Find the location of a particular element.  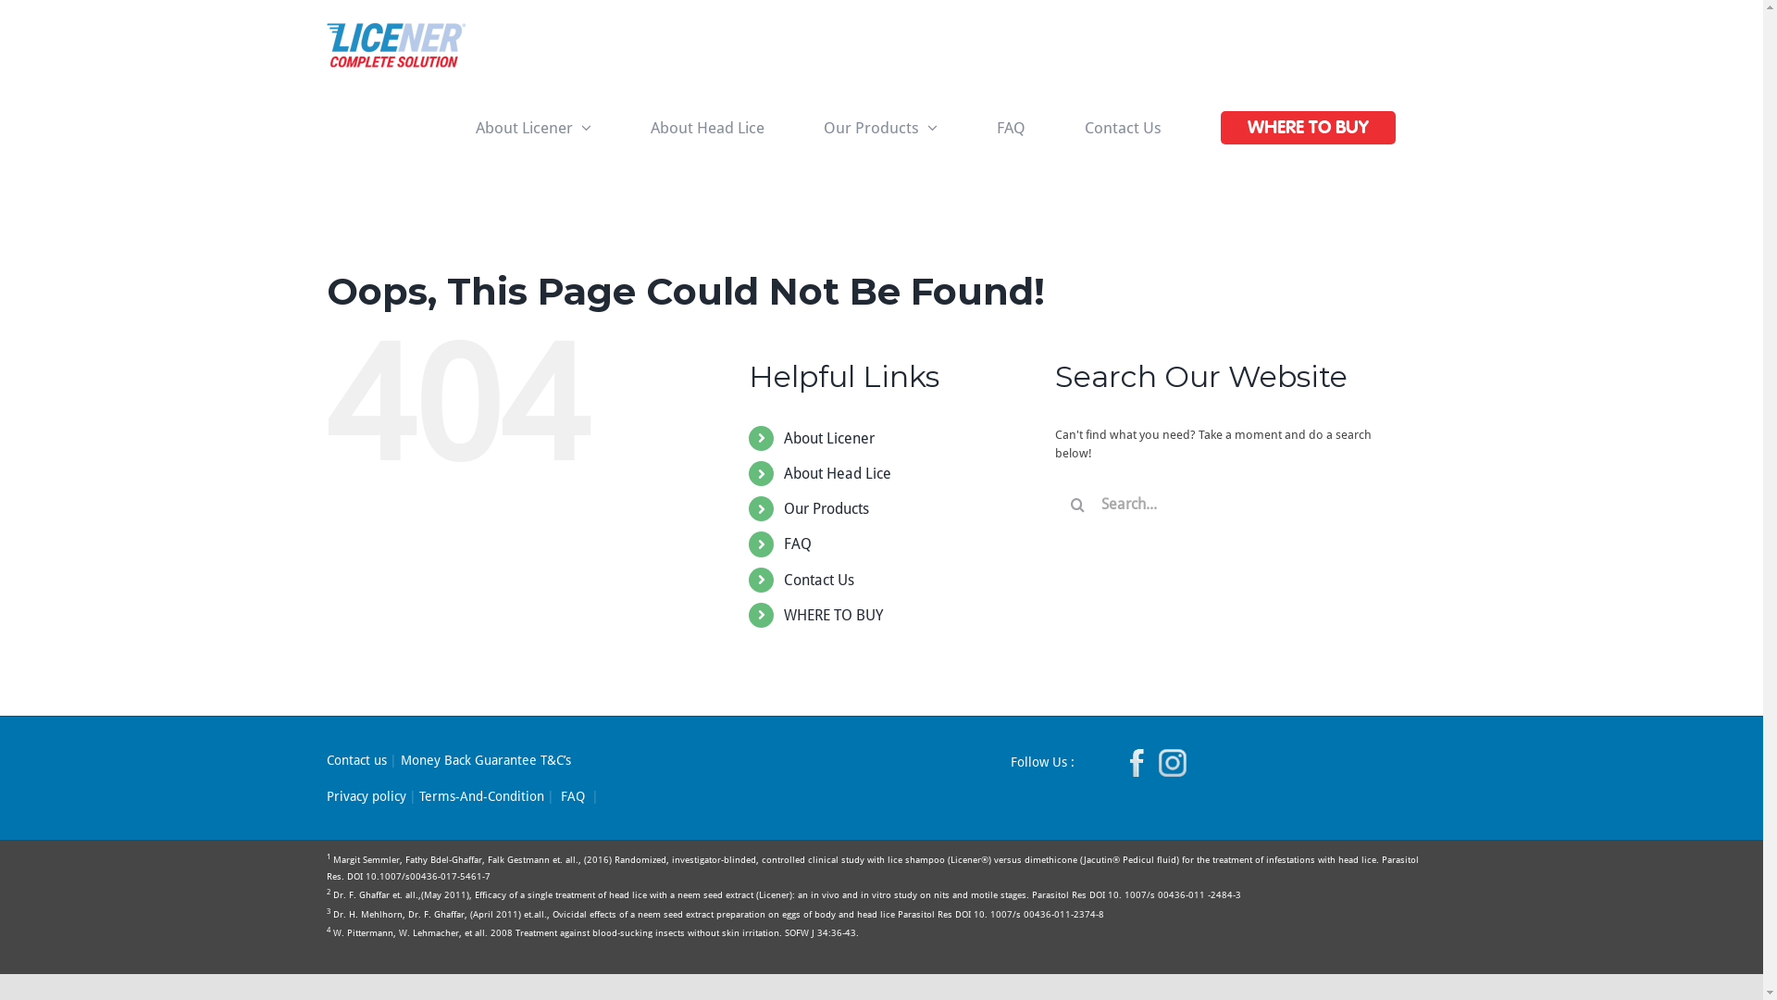

'Terms-And-Condition' is located at coordinates (480, 795).